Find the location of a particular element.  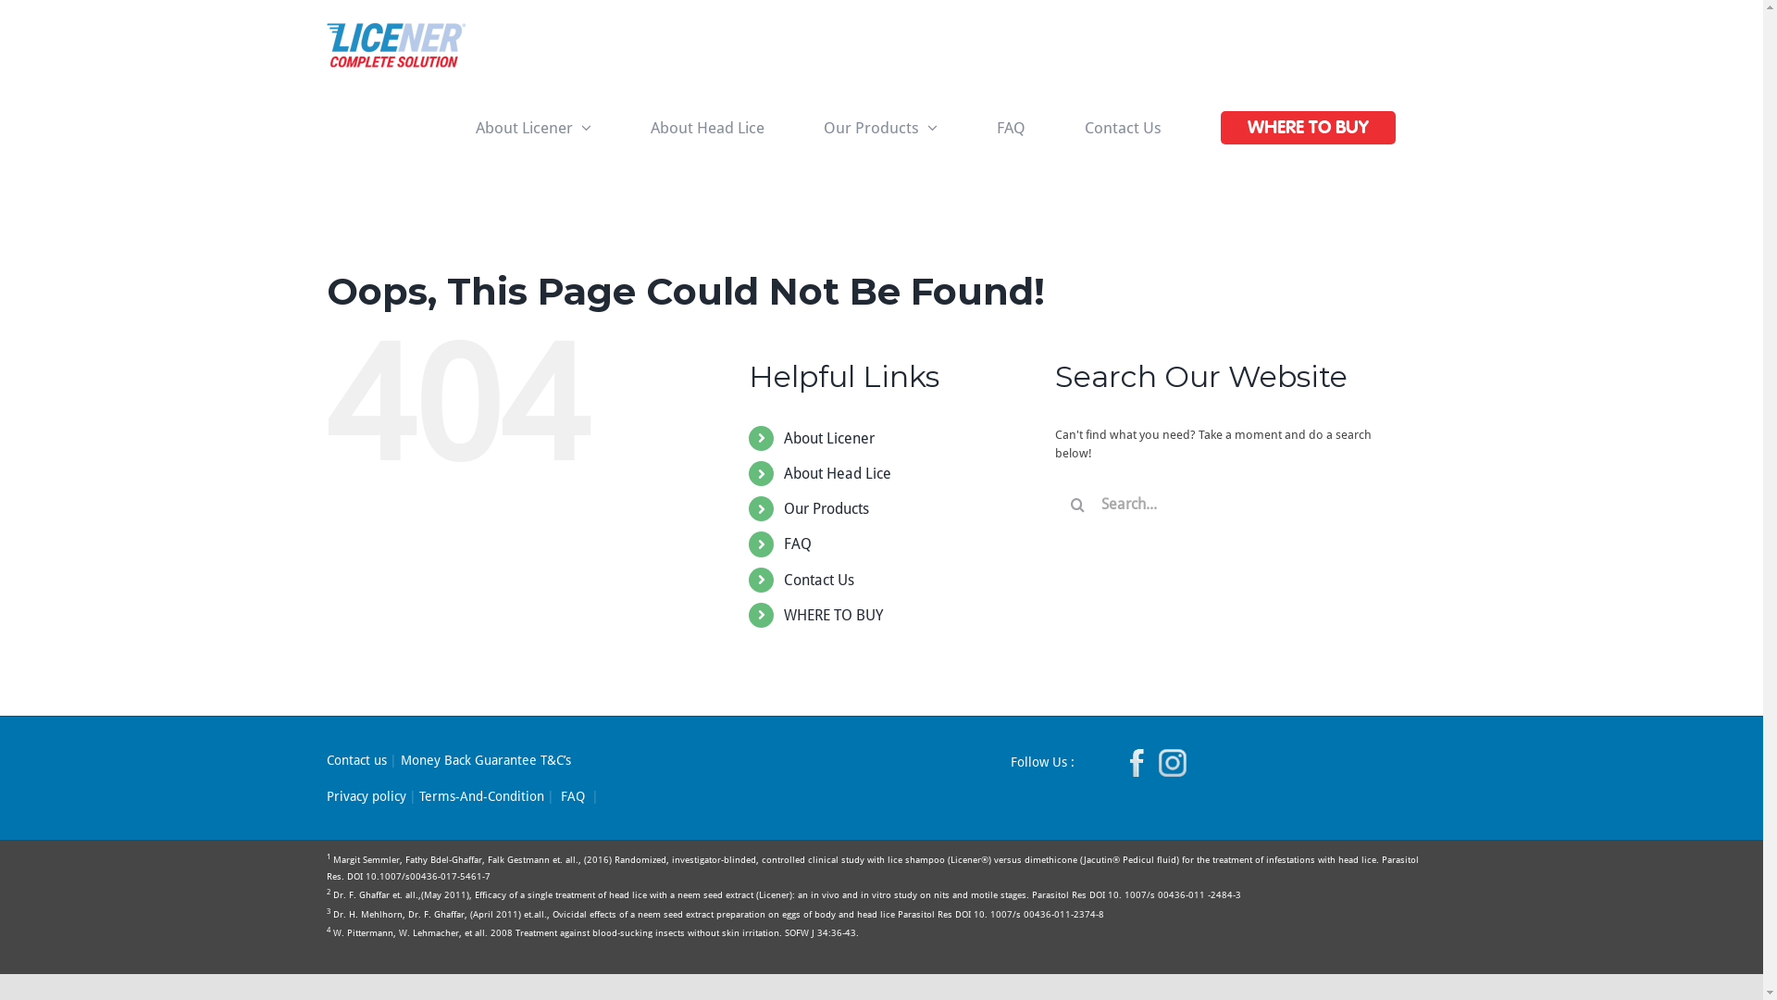

'Terms-And-Condition' is located at coordinates (480, 795).